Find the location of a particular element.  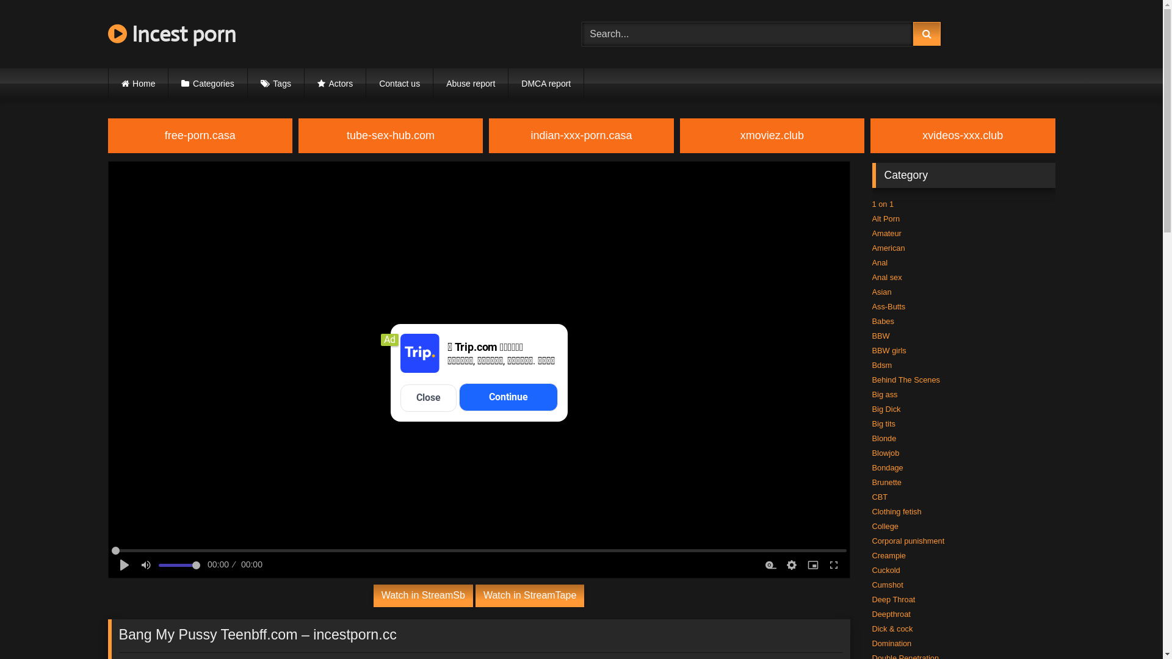

'Incest porn' is located at coordinates (171, 34).